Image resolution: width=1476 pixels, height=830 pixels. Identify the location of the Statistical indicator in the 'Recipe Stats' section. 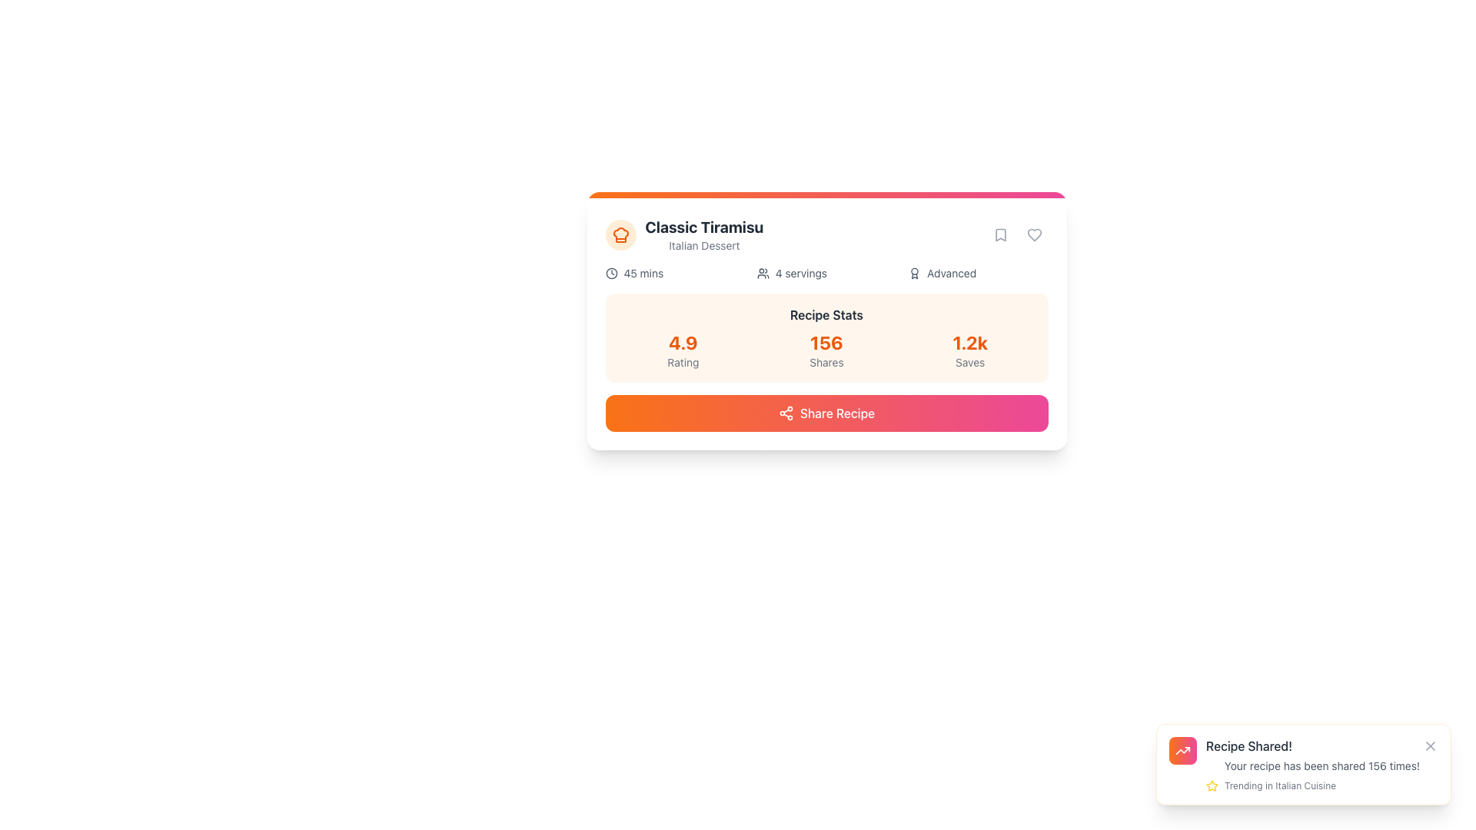
(826, 350).